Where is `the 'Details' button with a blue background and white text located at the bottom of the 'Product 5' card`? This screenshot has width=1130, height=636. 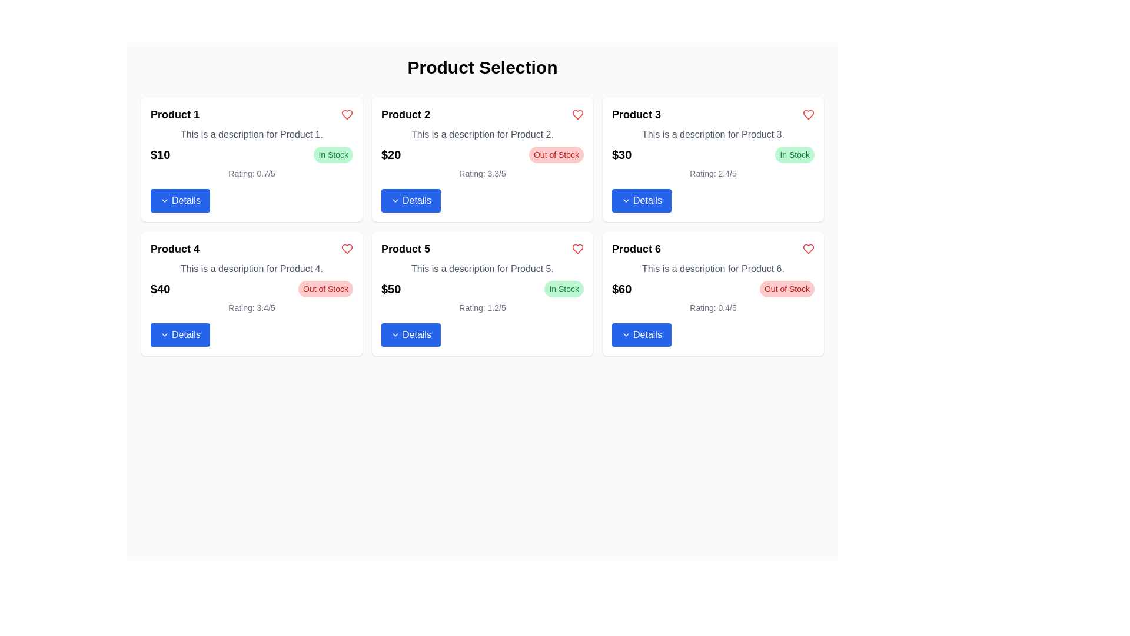
the 'Details' button with a blue background and white text located at the bottom of the 'Product 5' card is located at coordinates (411, 335).